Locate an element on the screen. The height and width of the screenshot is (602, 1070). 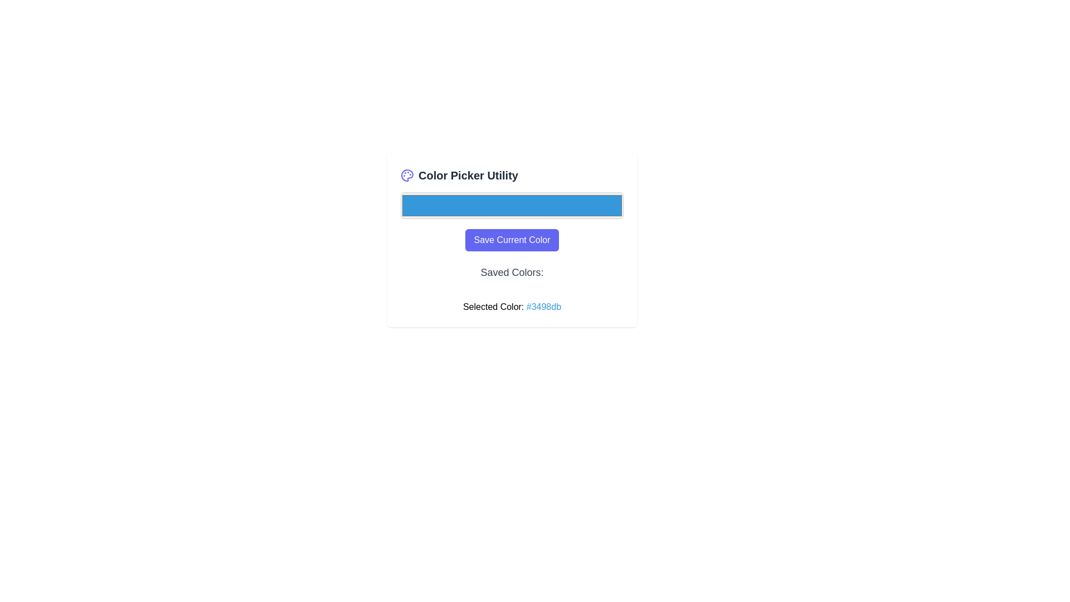
the 'Save Current Color' button, which is a deep indigo rectangular button with rounded corners is located at coordinates (510, 240).